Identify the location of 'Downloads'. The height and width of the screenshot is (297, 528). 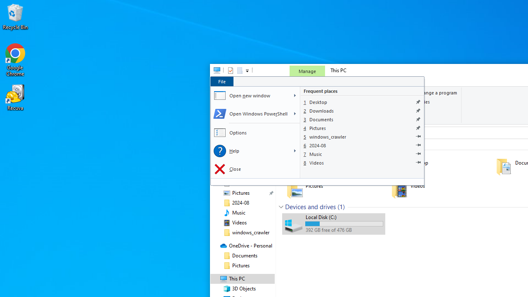
(362, 110).